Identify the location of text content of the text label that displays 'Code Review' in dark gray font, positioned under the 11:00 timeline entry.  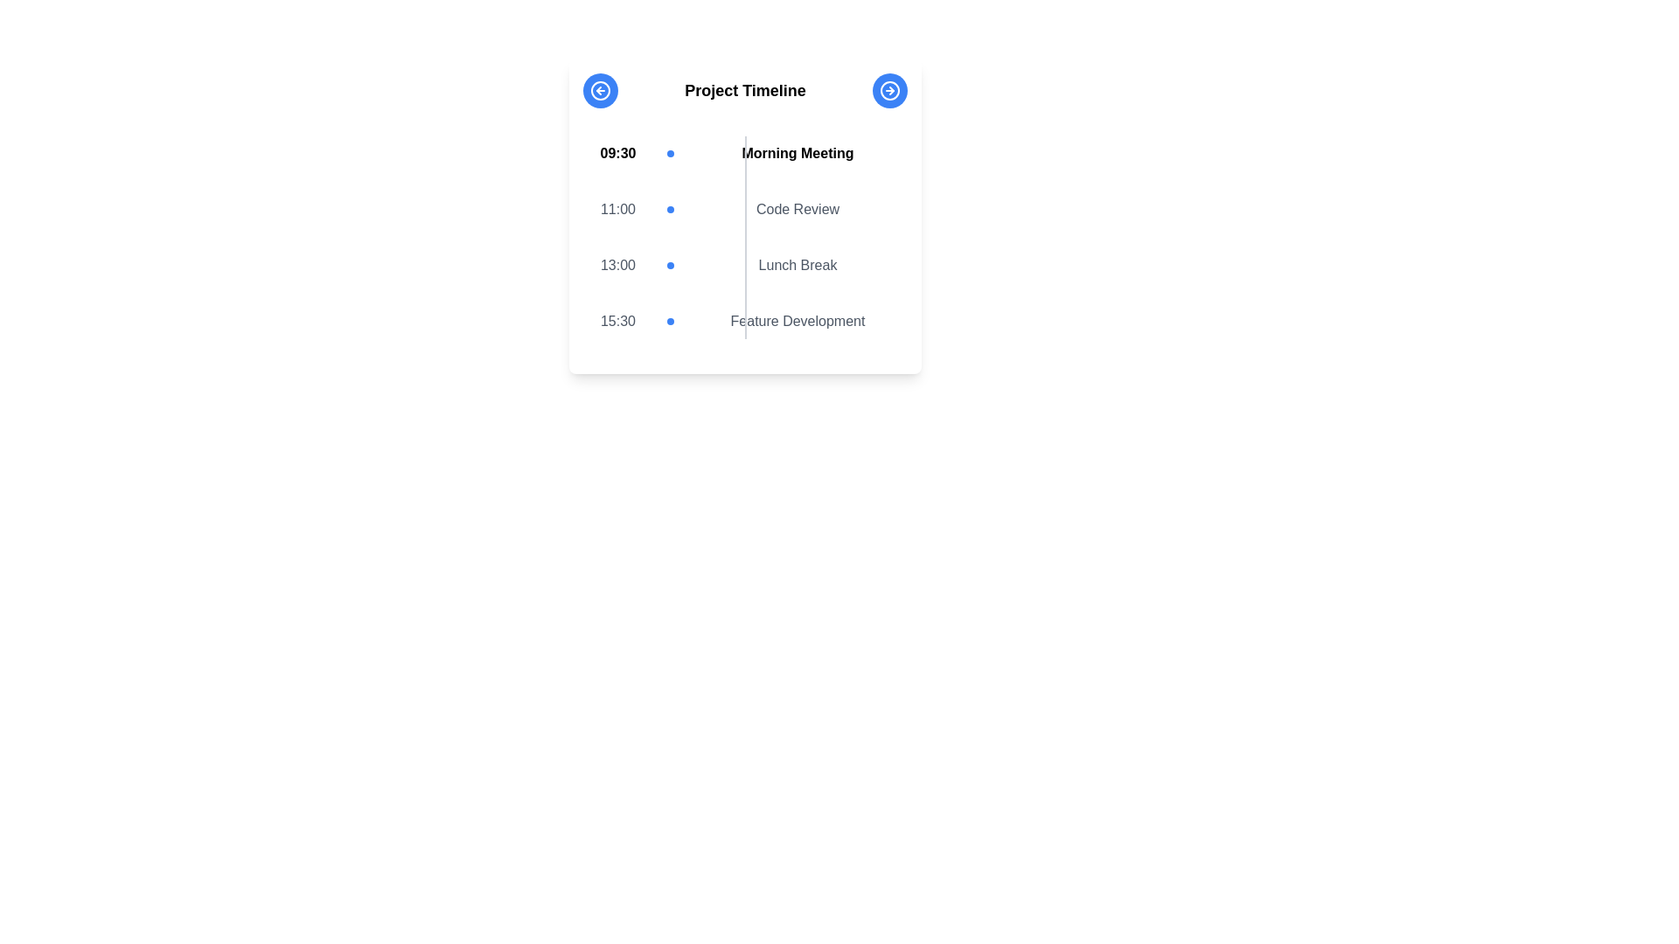
(797, 208).